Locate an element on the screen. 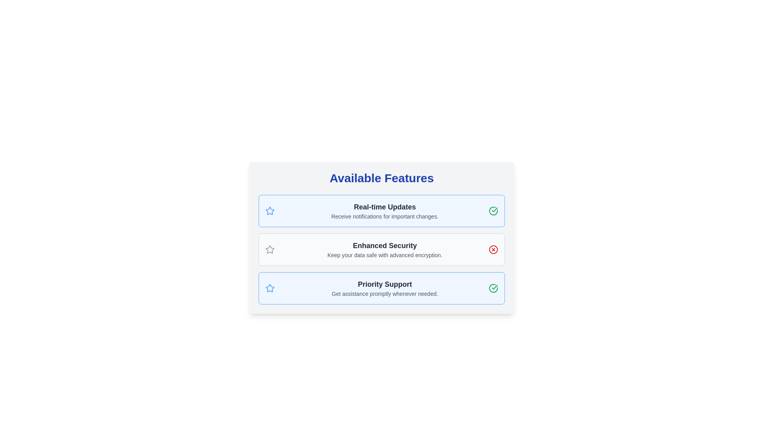 The width and height of the screenshot is (758, 426). the green checkmark icon located in the lower-right corner of the third item in the vertical list of features, which indicates confirmation or success for the 'Priority Support' feature is located at coordinates (494, 209).